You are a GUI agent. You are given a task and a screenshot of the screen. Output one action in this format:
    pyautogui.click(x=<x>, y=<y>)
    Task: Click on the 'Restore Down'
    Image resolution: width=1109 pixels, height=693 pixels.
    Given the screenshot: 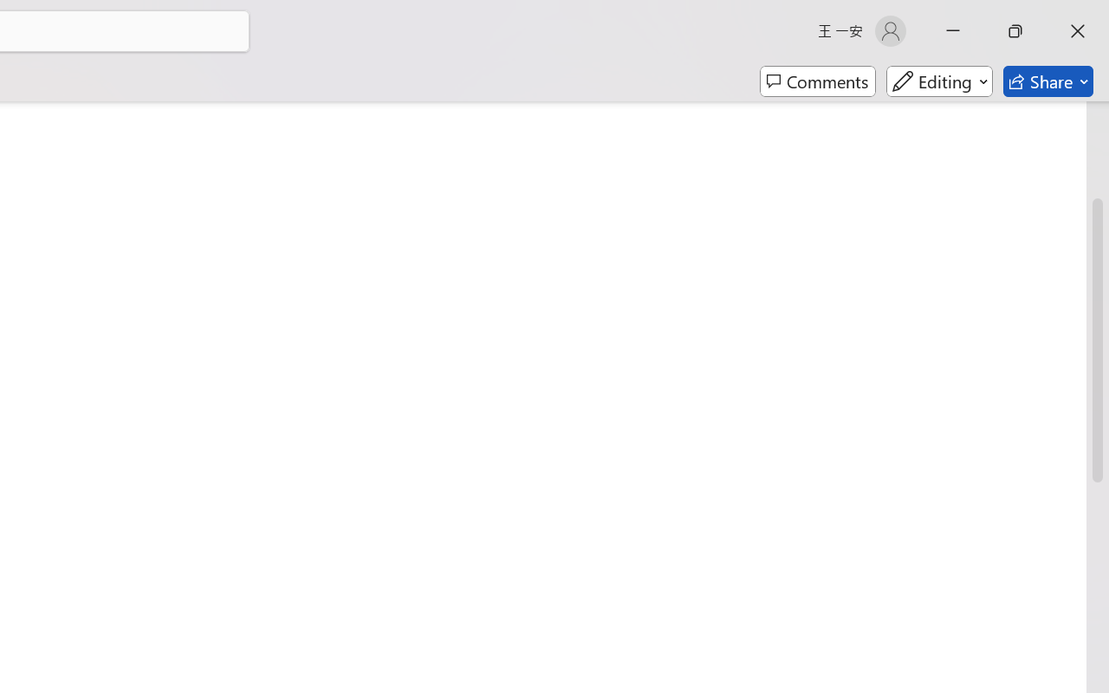 What is the action you would take?
    pyautogui.click(x=1015, y=30)
    